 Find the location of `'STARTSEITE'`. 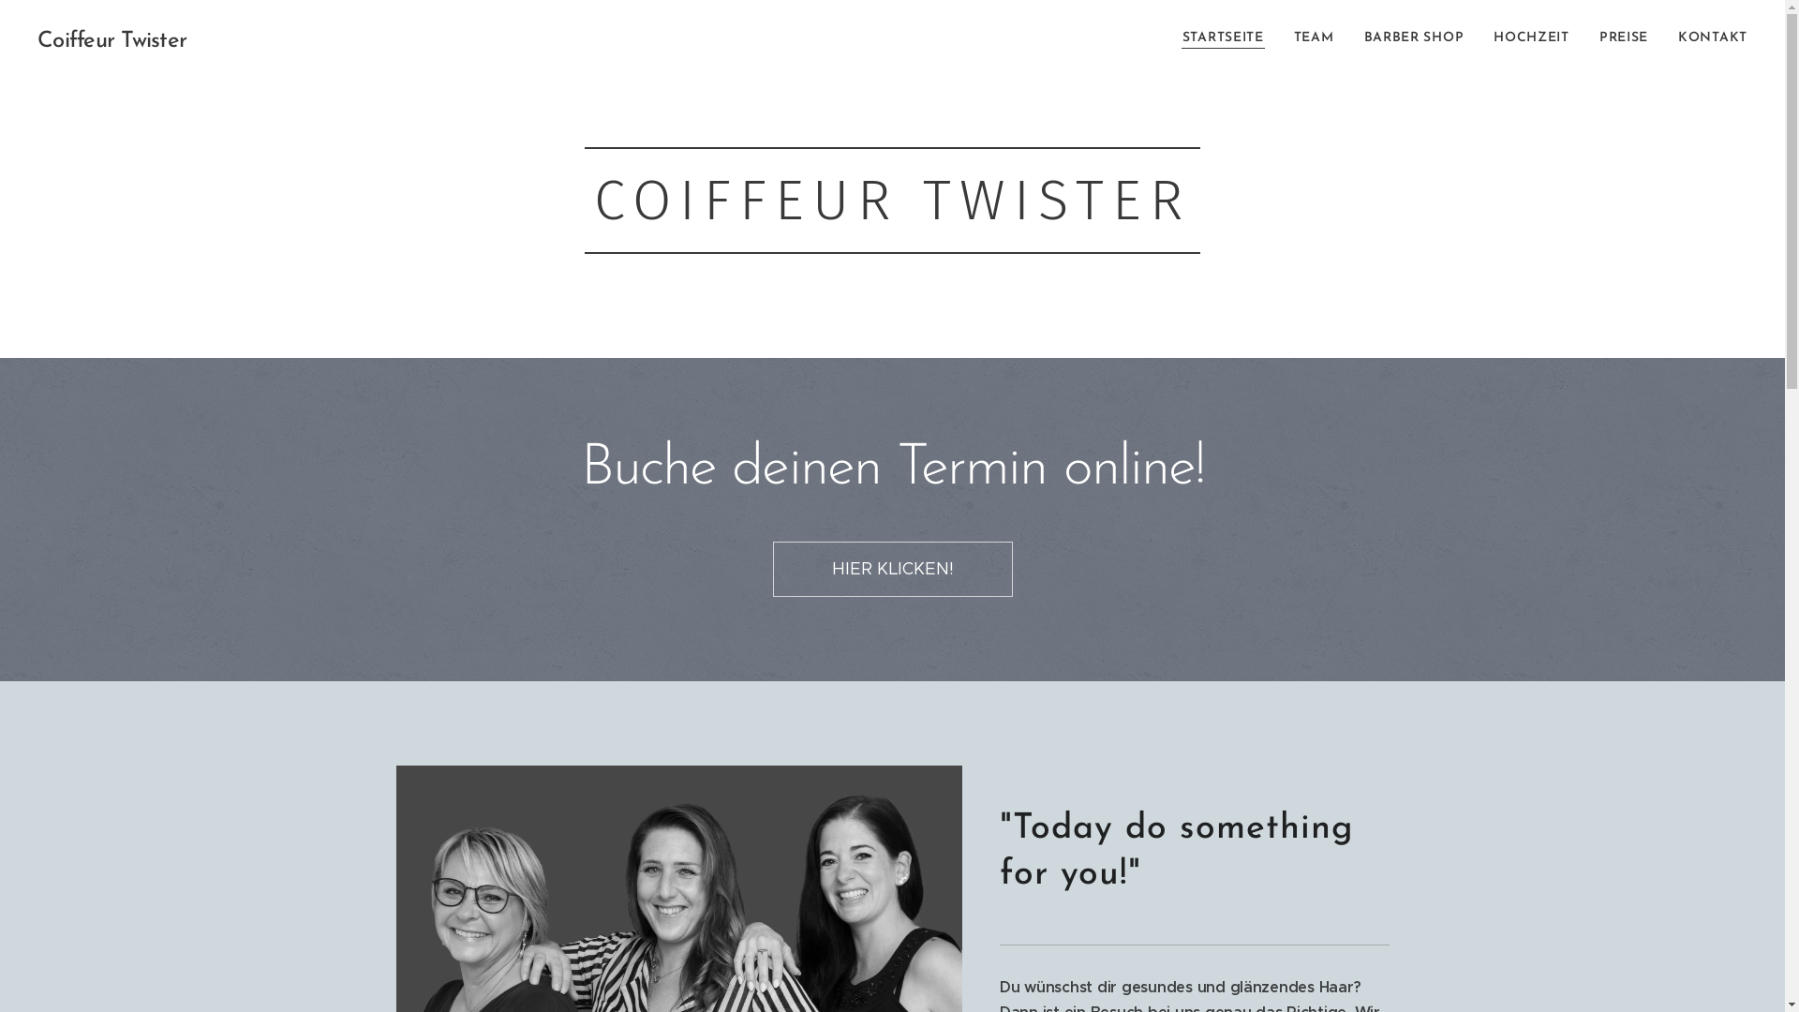

'STARTSEITE' is located at coordinates (1227, 38).